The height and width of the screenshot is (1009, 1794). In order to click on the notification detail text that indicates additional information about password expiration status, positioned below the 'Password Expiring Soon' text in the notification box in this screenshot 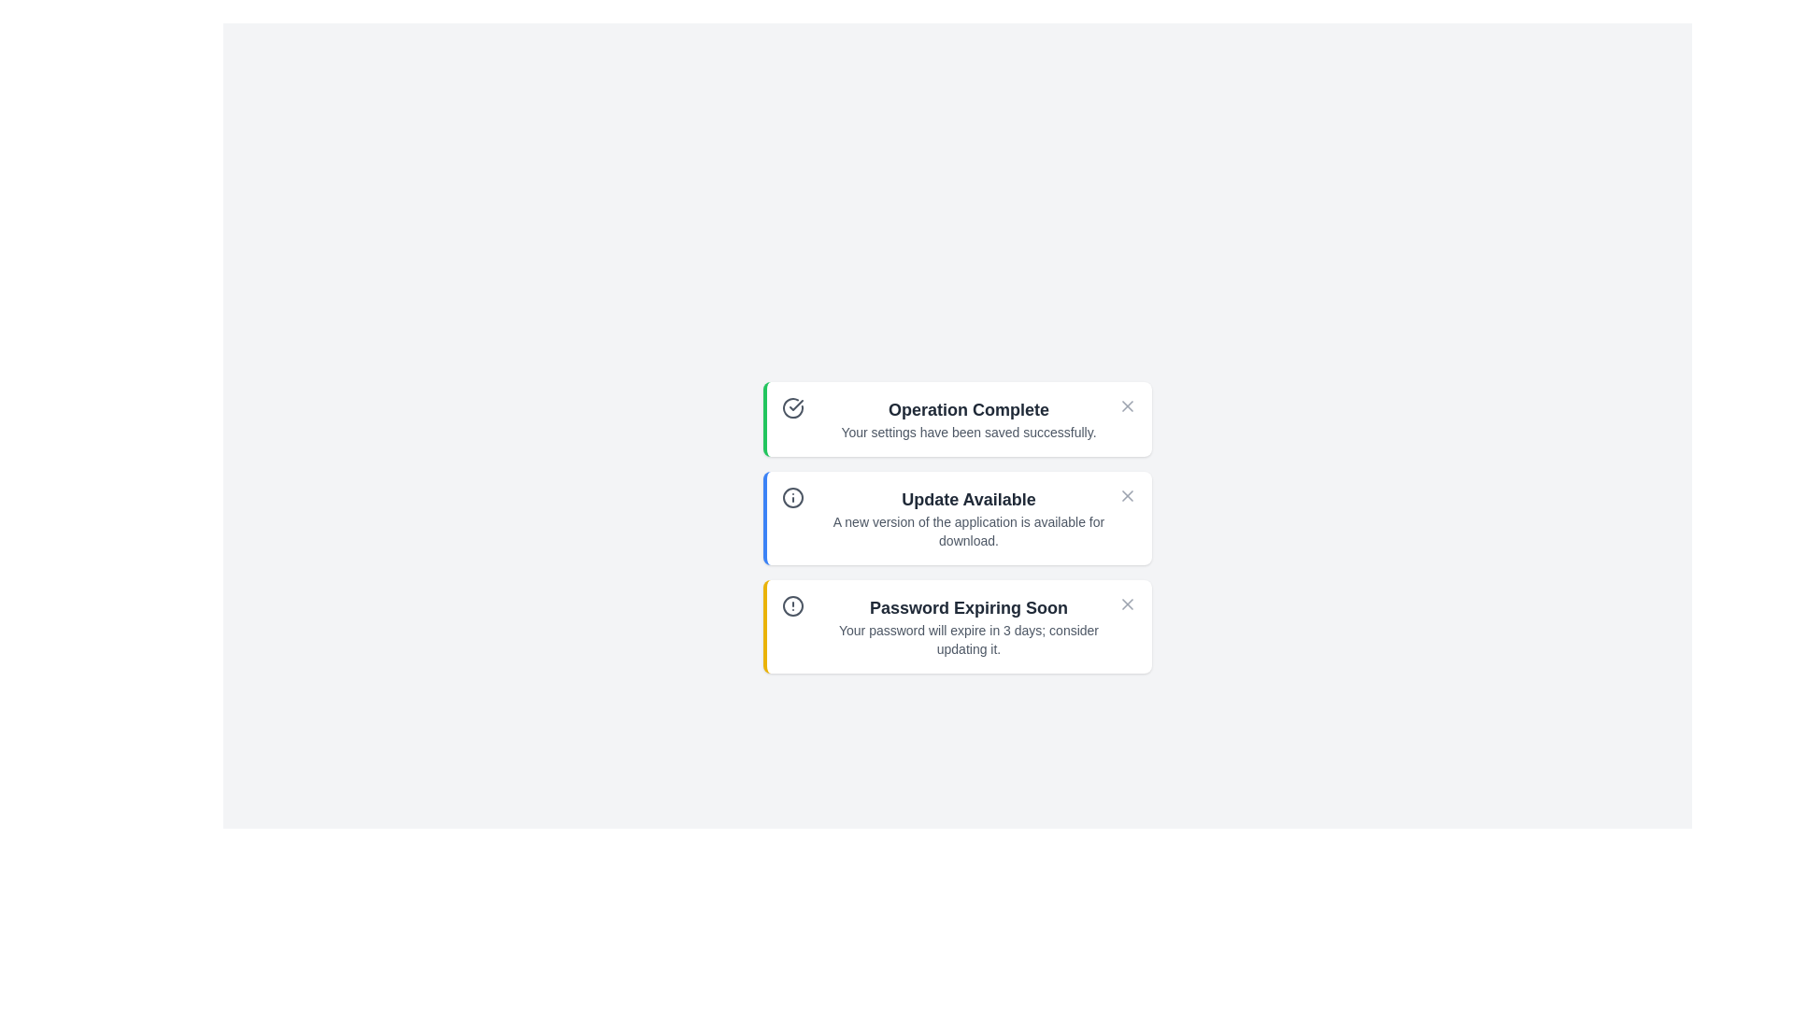, I will do `click(968, 639)`.